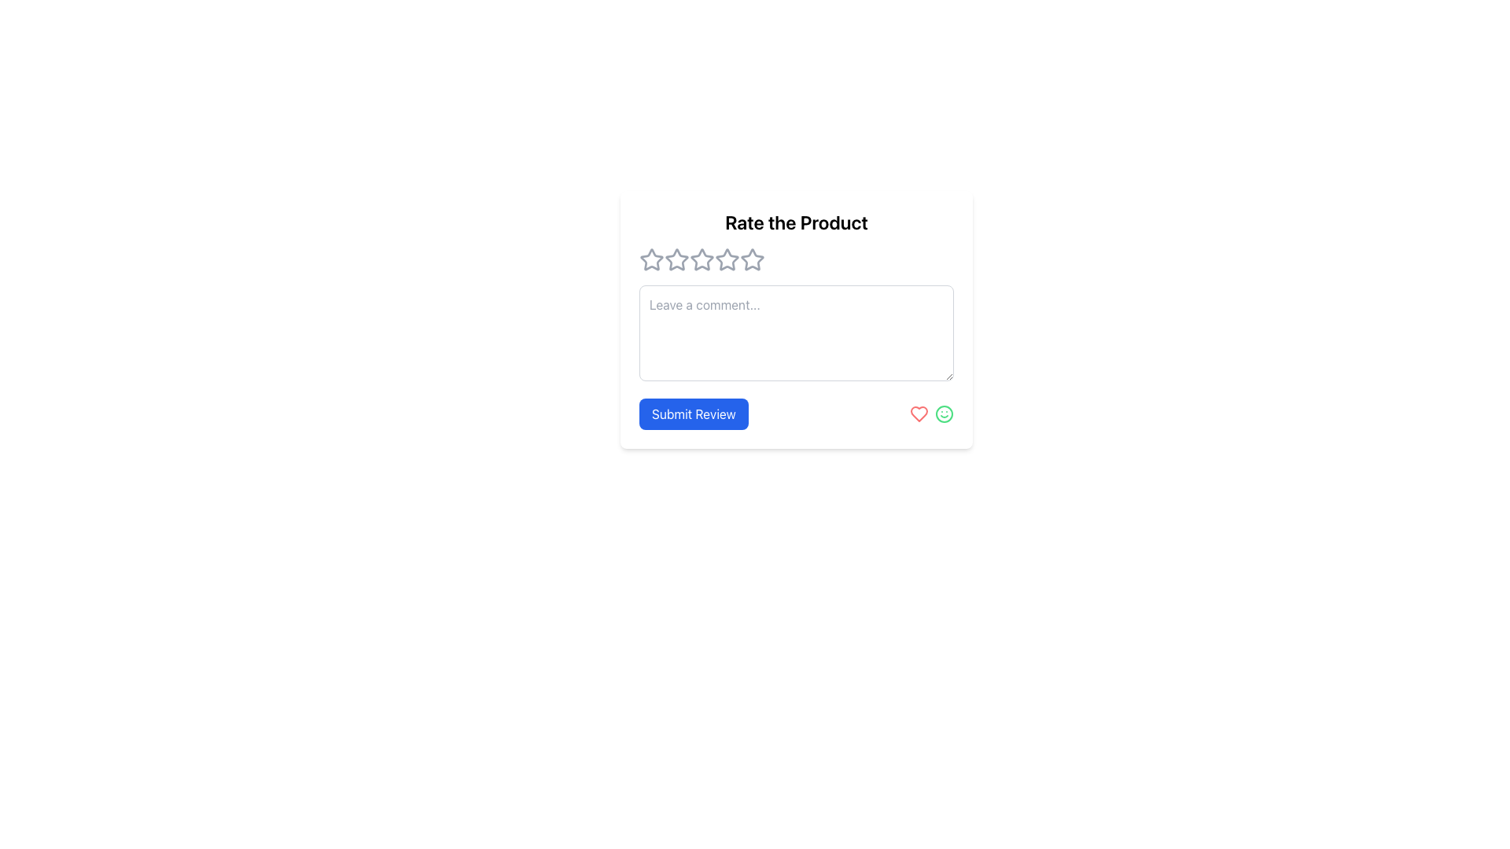 The image size is (1510, 849). What do you see at coordinates (944, 413) in the screenshot?
I see `the outermost circle of the smiling face icon, which is part of a grouped SVG illustration at the bottom-right corner of the review submission interface` at bounding box center [944, 413].